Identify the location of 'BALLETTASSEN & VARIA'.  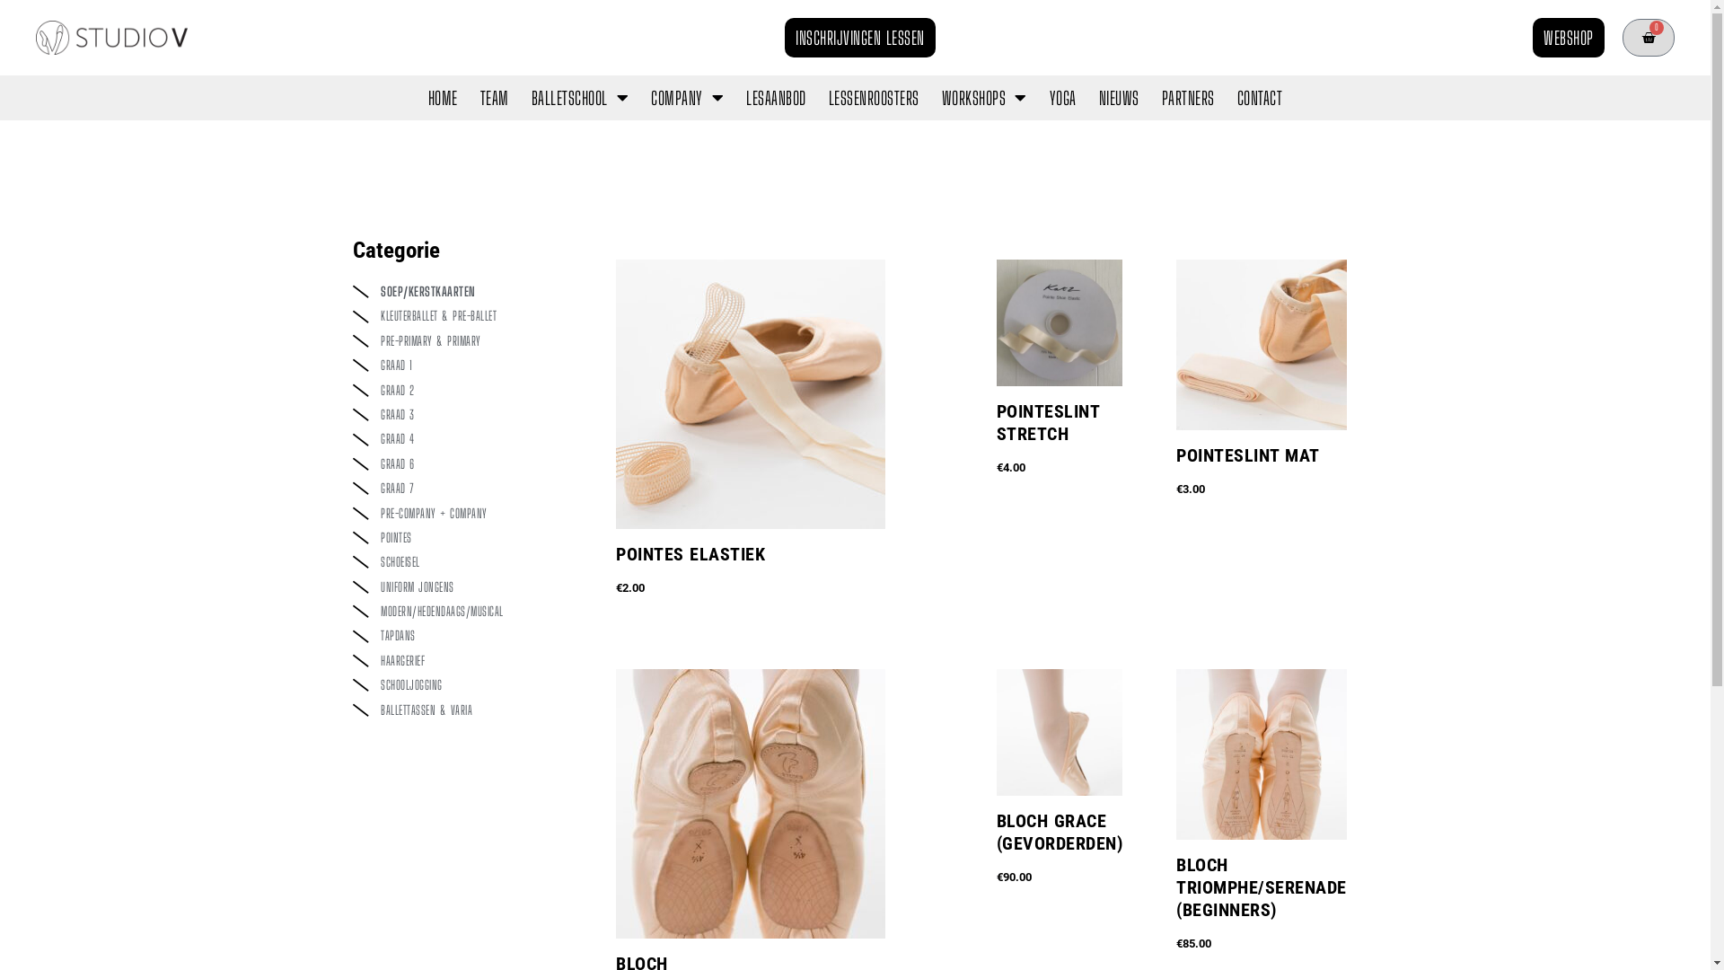
(465, 709).